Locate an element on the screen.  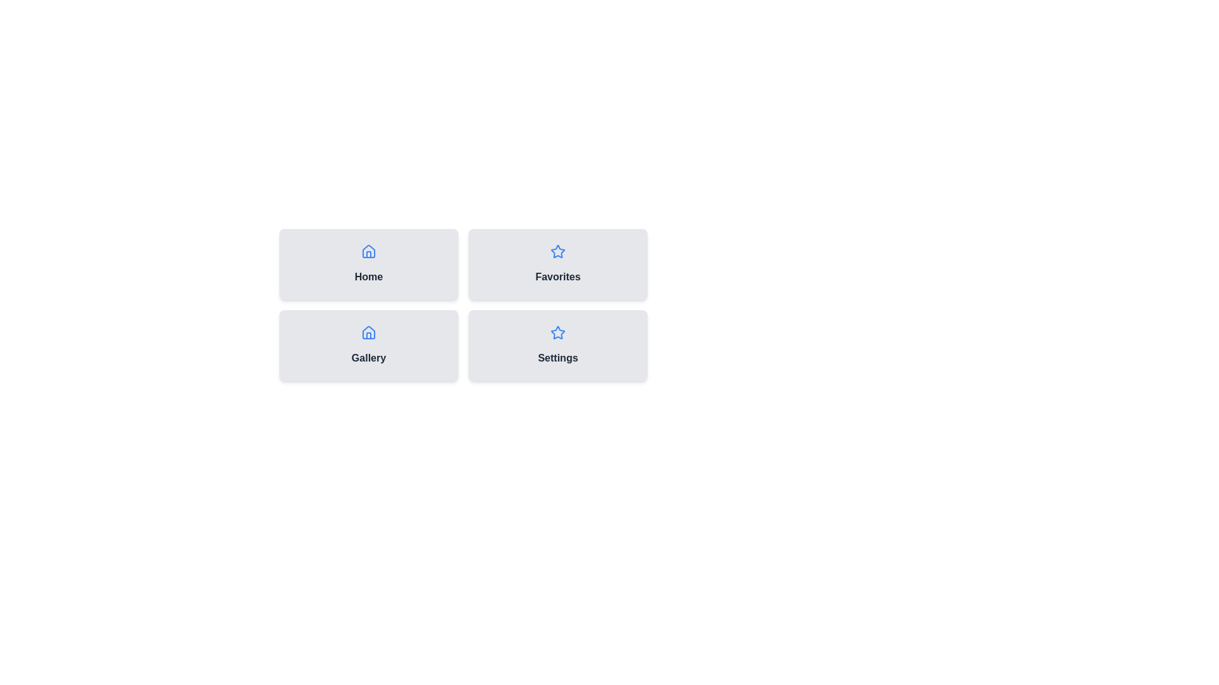
the blue house icon located at the top of the 'Home' card, which is positioned in the top-left corner of a 2x2 grid layout is located at coordinates (368, 252).